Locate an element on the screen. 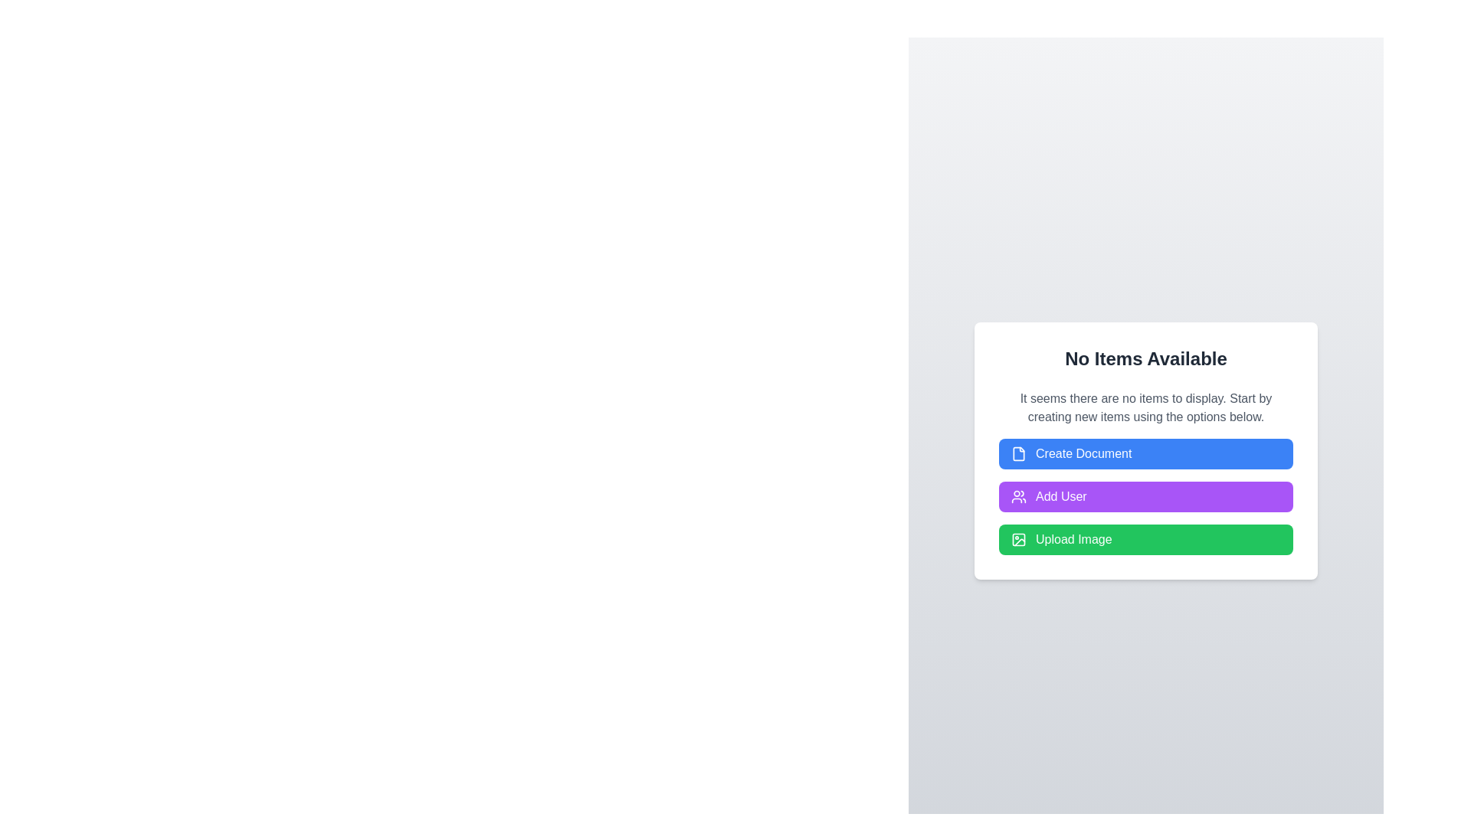  the styling of the decorative shape within the 'Upload Image' button, which is a rectangular icon with rounded corners located in the bottom section of the user interface card is located at coordinates (1018, 539).